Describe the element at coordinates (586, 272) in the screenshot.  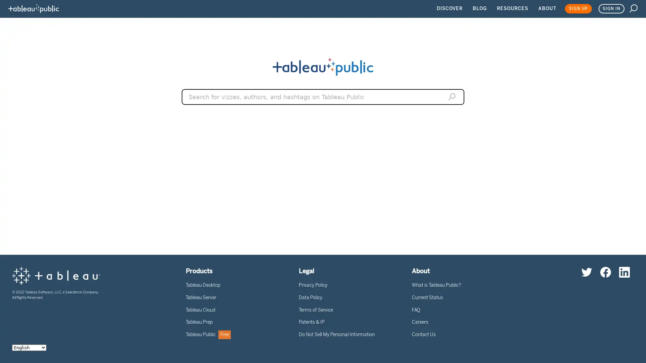
I see `Twitter link` at that location.